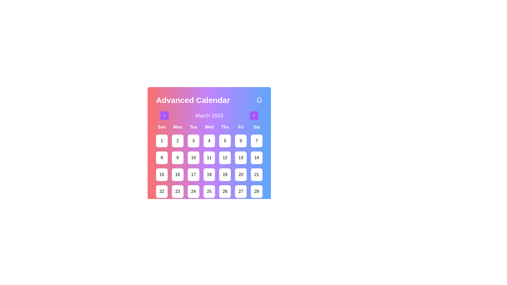 The height and width of the screenshot is (285, 507). I want to click on the rounded rectangular button displaying the number '11' located in the fourth row and fourth column of the calendar grid under the header 'Wed', so click(209, 157).